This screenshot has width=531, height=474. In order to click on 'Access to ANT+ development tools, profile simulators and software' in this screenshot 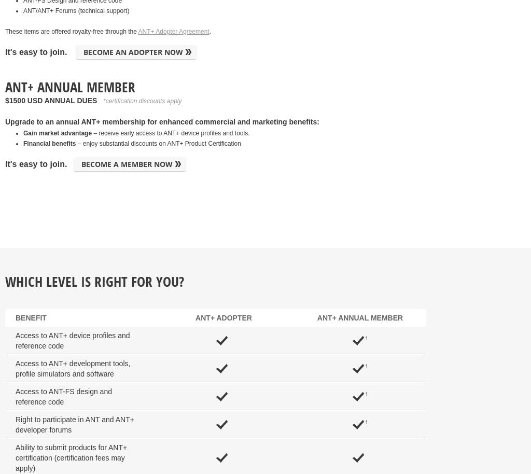, I will do `click(16, 368)`.